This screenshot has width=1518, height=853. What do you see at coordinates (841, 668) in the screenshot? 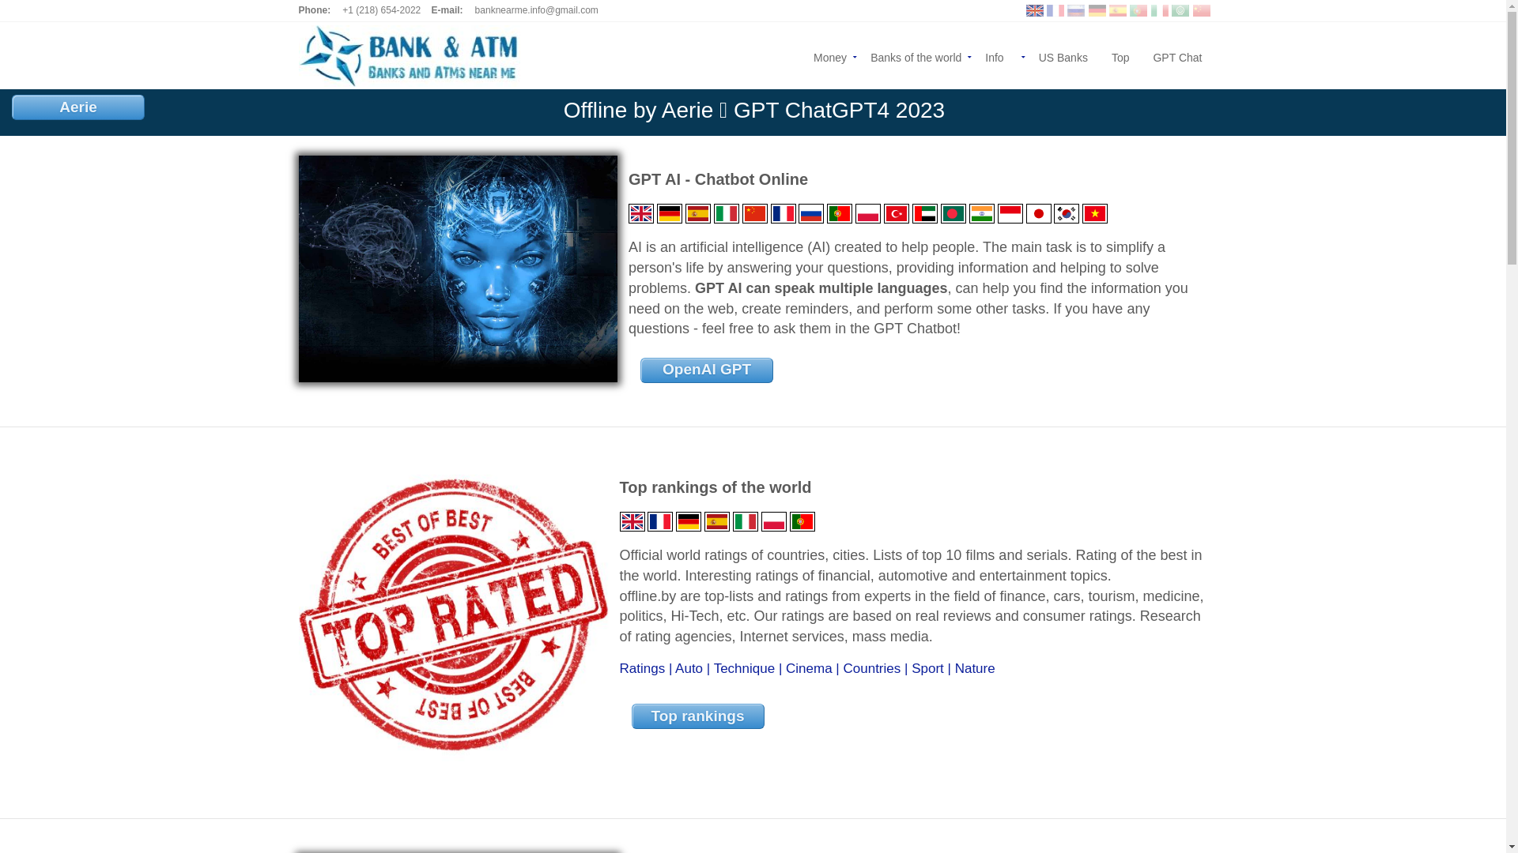
I see `'Countries'` at bounding box center [841, 668].